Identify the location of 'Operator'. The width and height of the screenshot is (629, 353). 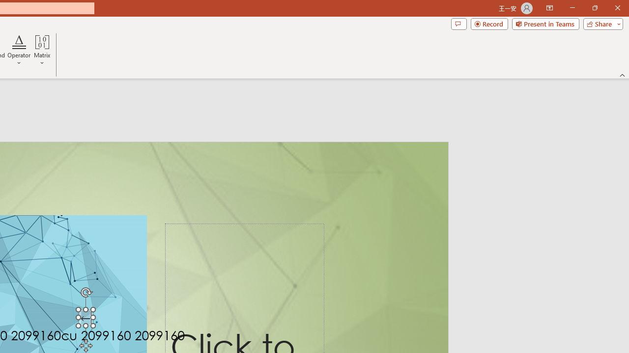
(19, 50).